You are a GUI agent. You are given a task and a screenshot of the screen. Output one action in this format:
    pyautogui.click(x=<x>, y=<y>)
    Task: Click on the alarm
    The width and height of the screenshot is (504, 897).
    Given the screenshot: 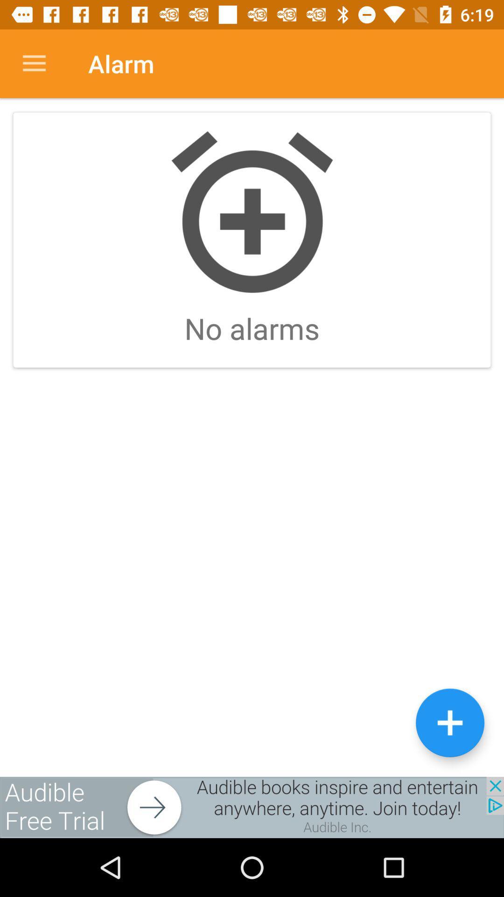 What is the action you would take?
    pyautogui.click(x=449, y=722)
    